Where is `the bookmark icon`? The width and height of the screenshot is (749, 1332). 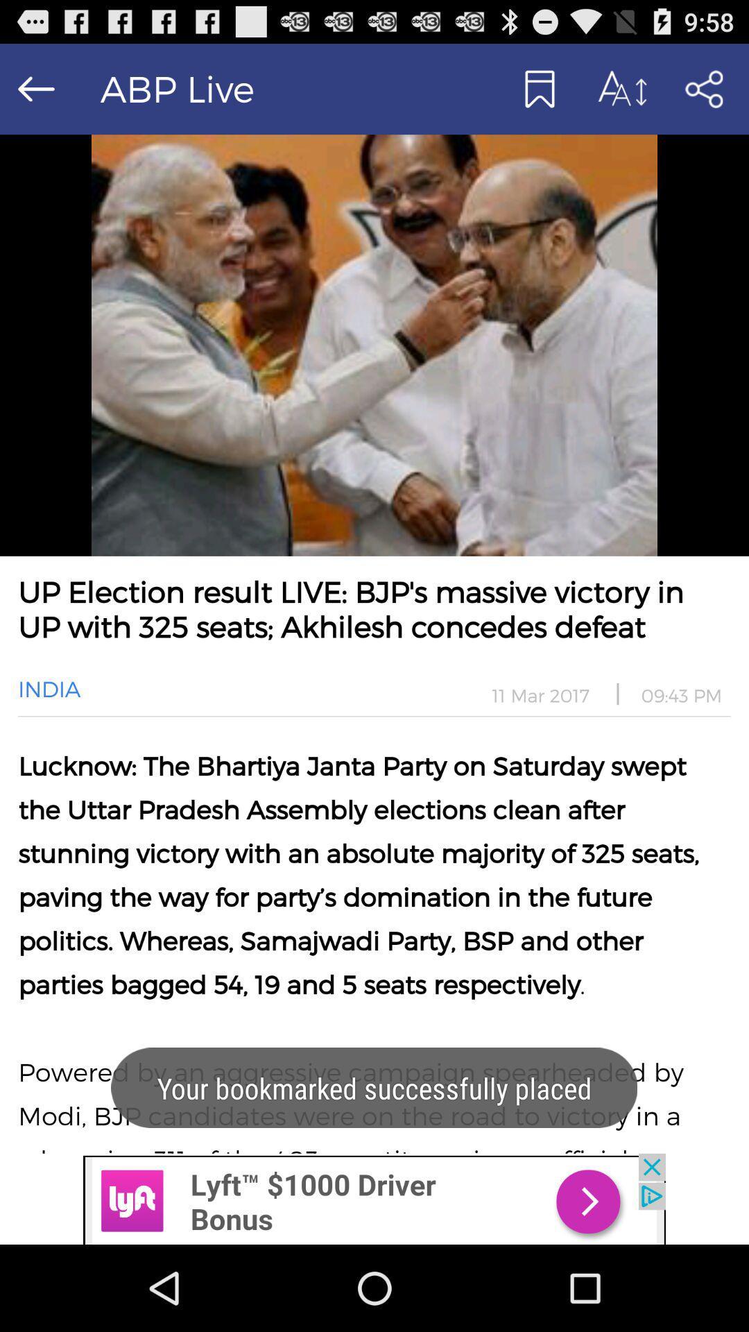
the bookmark icon is located at coordinates (537, 94).